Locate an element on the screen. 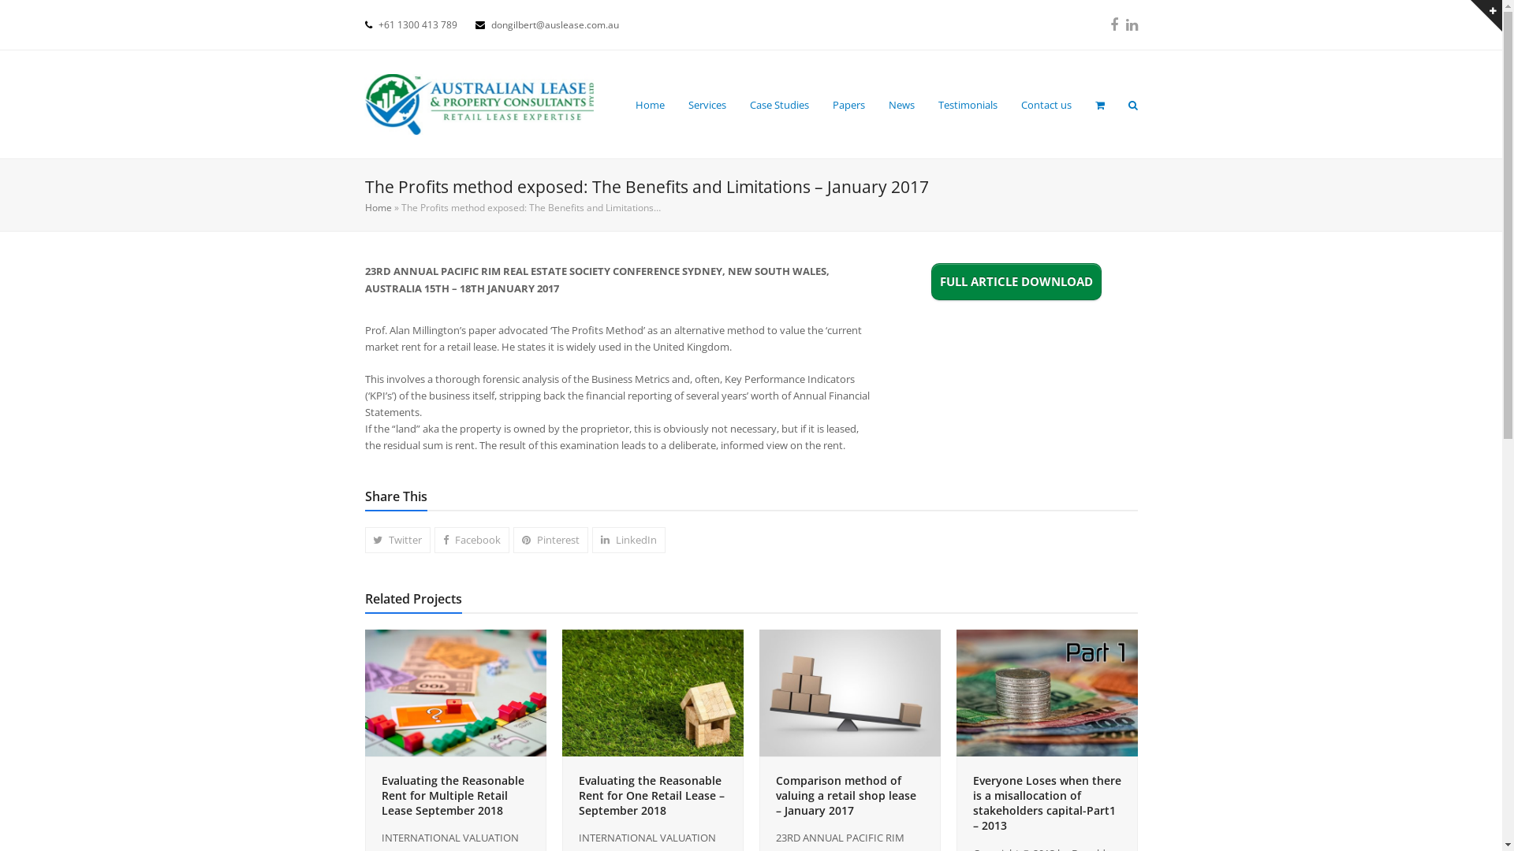 Image resolution: width=1514 pixels, height=851 pixels. 'Pinterest' is located at coordinates (550, 539).